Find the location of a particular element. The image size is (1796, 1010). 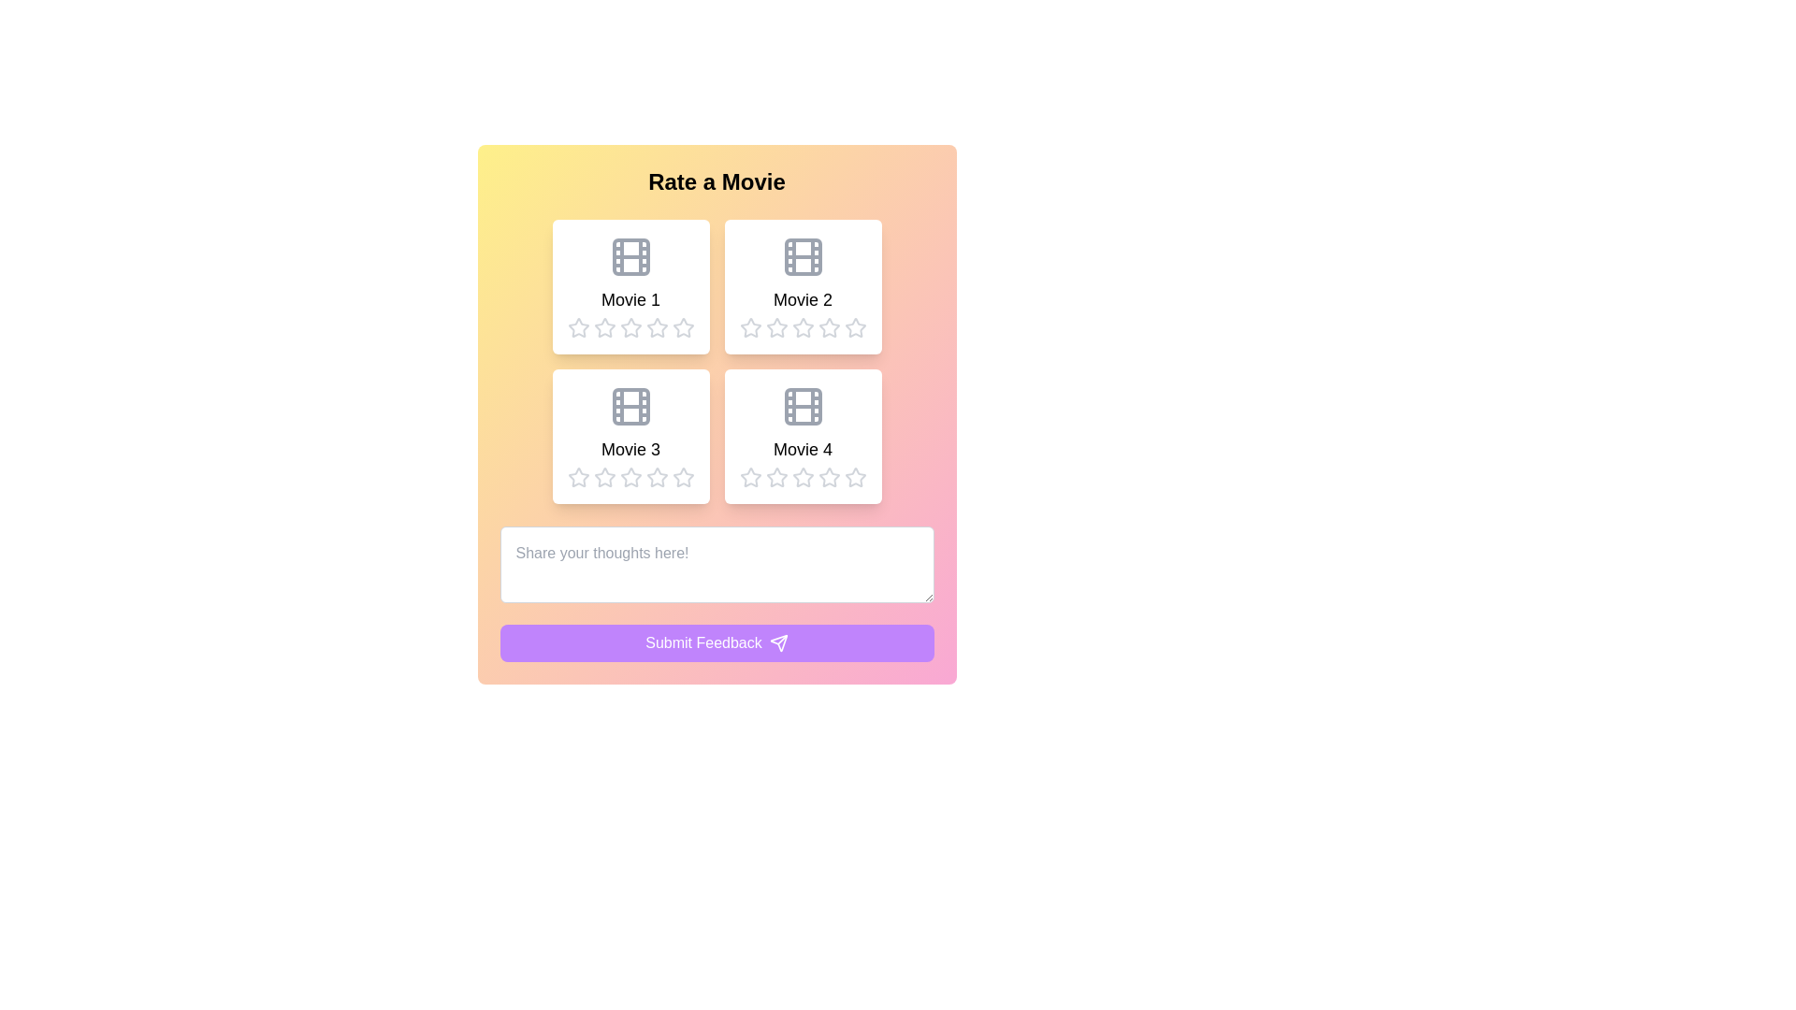

the 'Submit Feedback' button located at the bottom center of the bordered card layout is located at coordinates (716, 642).